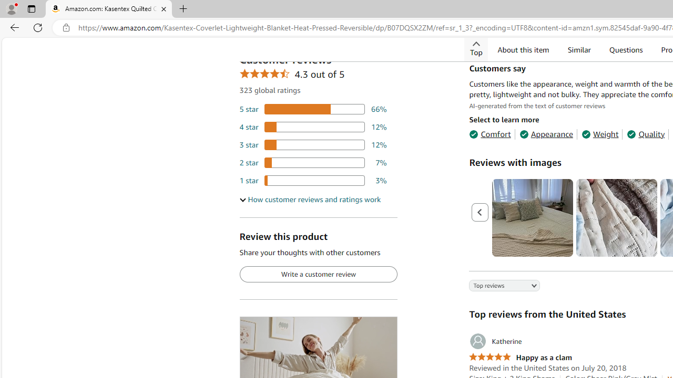 The width and height of the screenshot is (673, 378). I want to click on '7 percent of reviews have 2 stars', so click(312, 162).